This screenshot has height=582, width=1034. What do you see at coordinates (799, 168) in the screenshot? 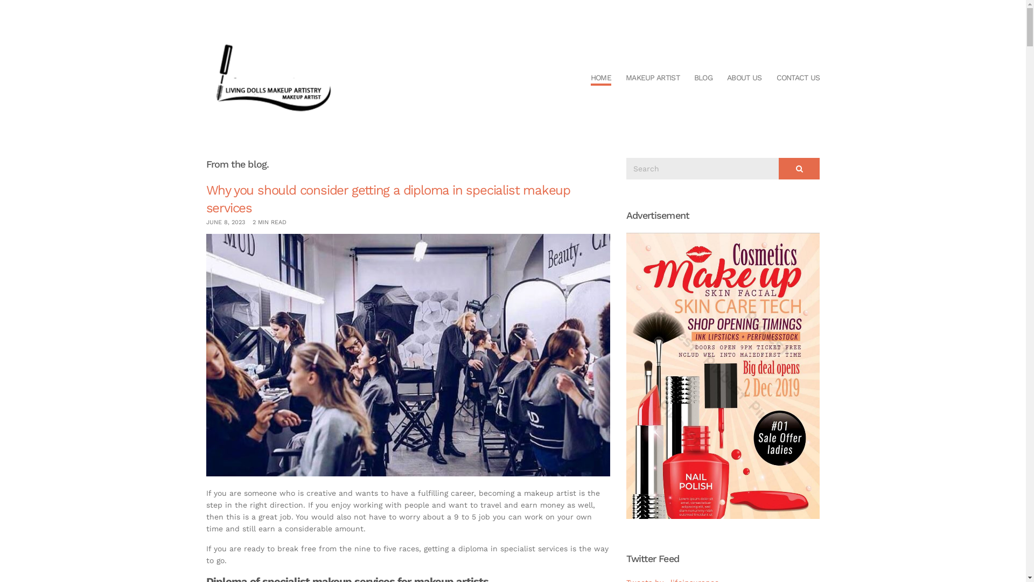
I see `'Search'` at bounding box center [799, 168].